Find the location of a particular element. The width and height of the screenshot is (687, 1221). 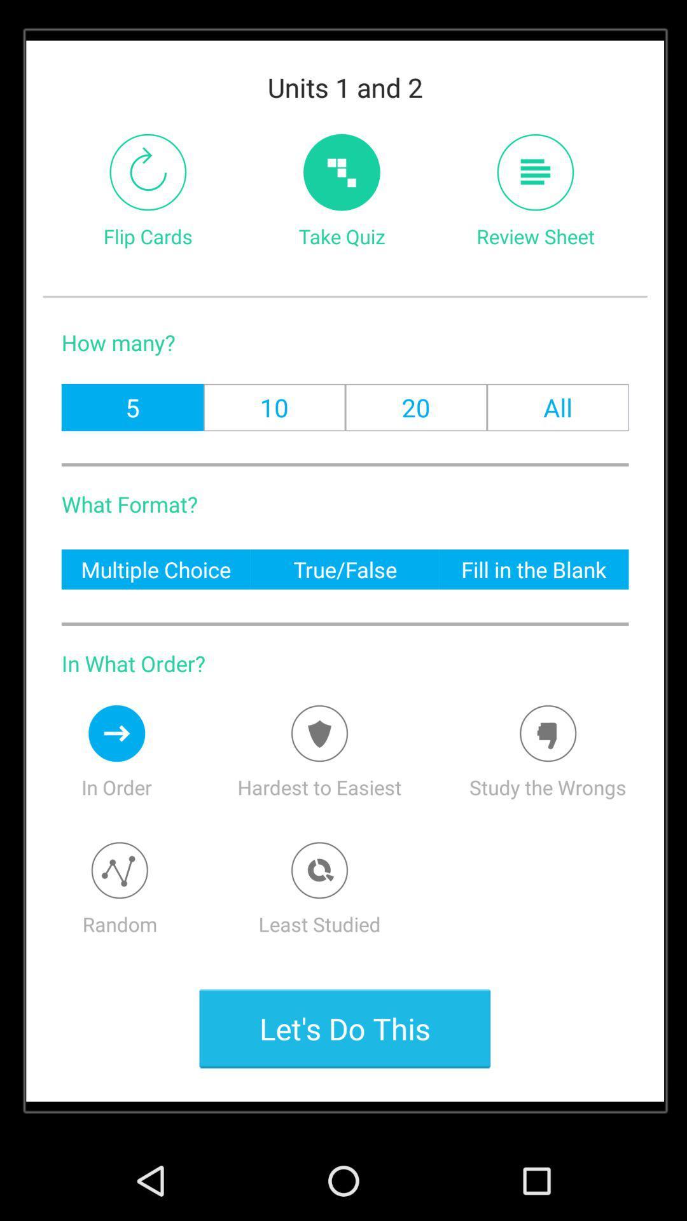

the item to the right of flip cards is located at coordinates (341, 172).